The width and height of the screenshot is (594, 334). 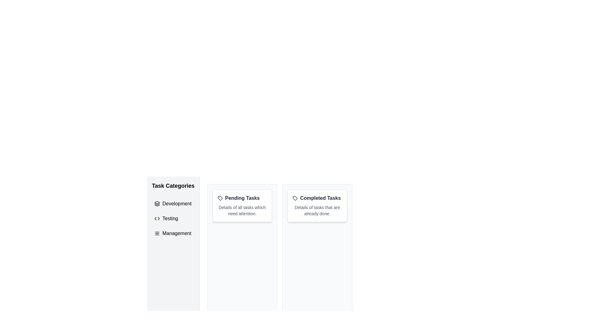 I want to click on text header with an icon that identifies the 'Completed Tasks' card, located in the rightmost card of three horizontally arranged cards, so click(x=317, y=198).